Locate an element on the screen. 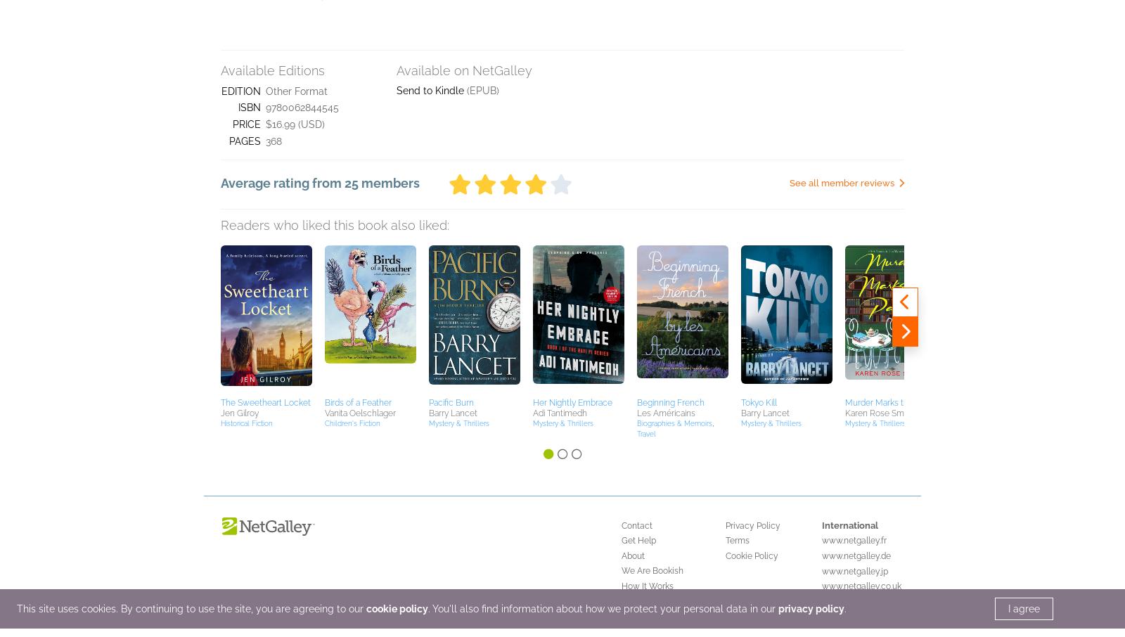 Image resolution: width=1125 pixels, height=637 pixels. 'www.netgalley.co.uk' is located at coordinates (861, 22).